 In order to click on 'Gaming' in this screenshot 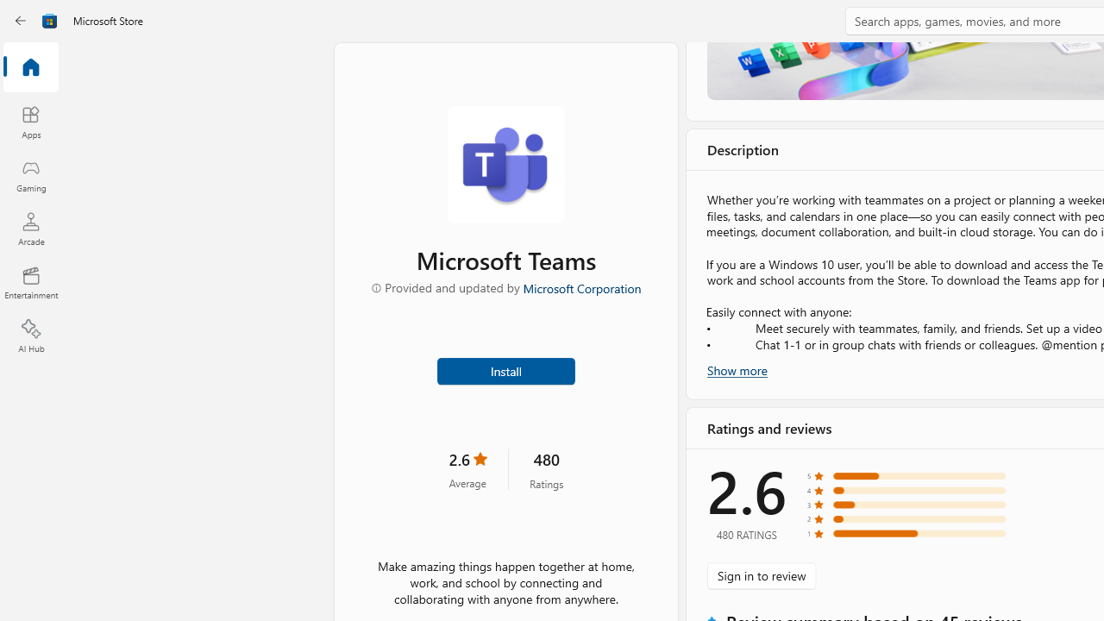, I will do `click(30, 175)`.